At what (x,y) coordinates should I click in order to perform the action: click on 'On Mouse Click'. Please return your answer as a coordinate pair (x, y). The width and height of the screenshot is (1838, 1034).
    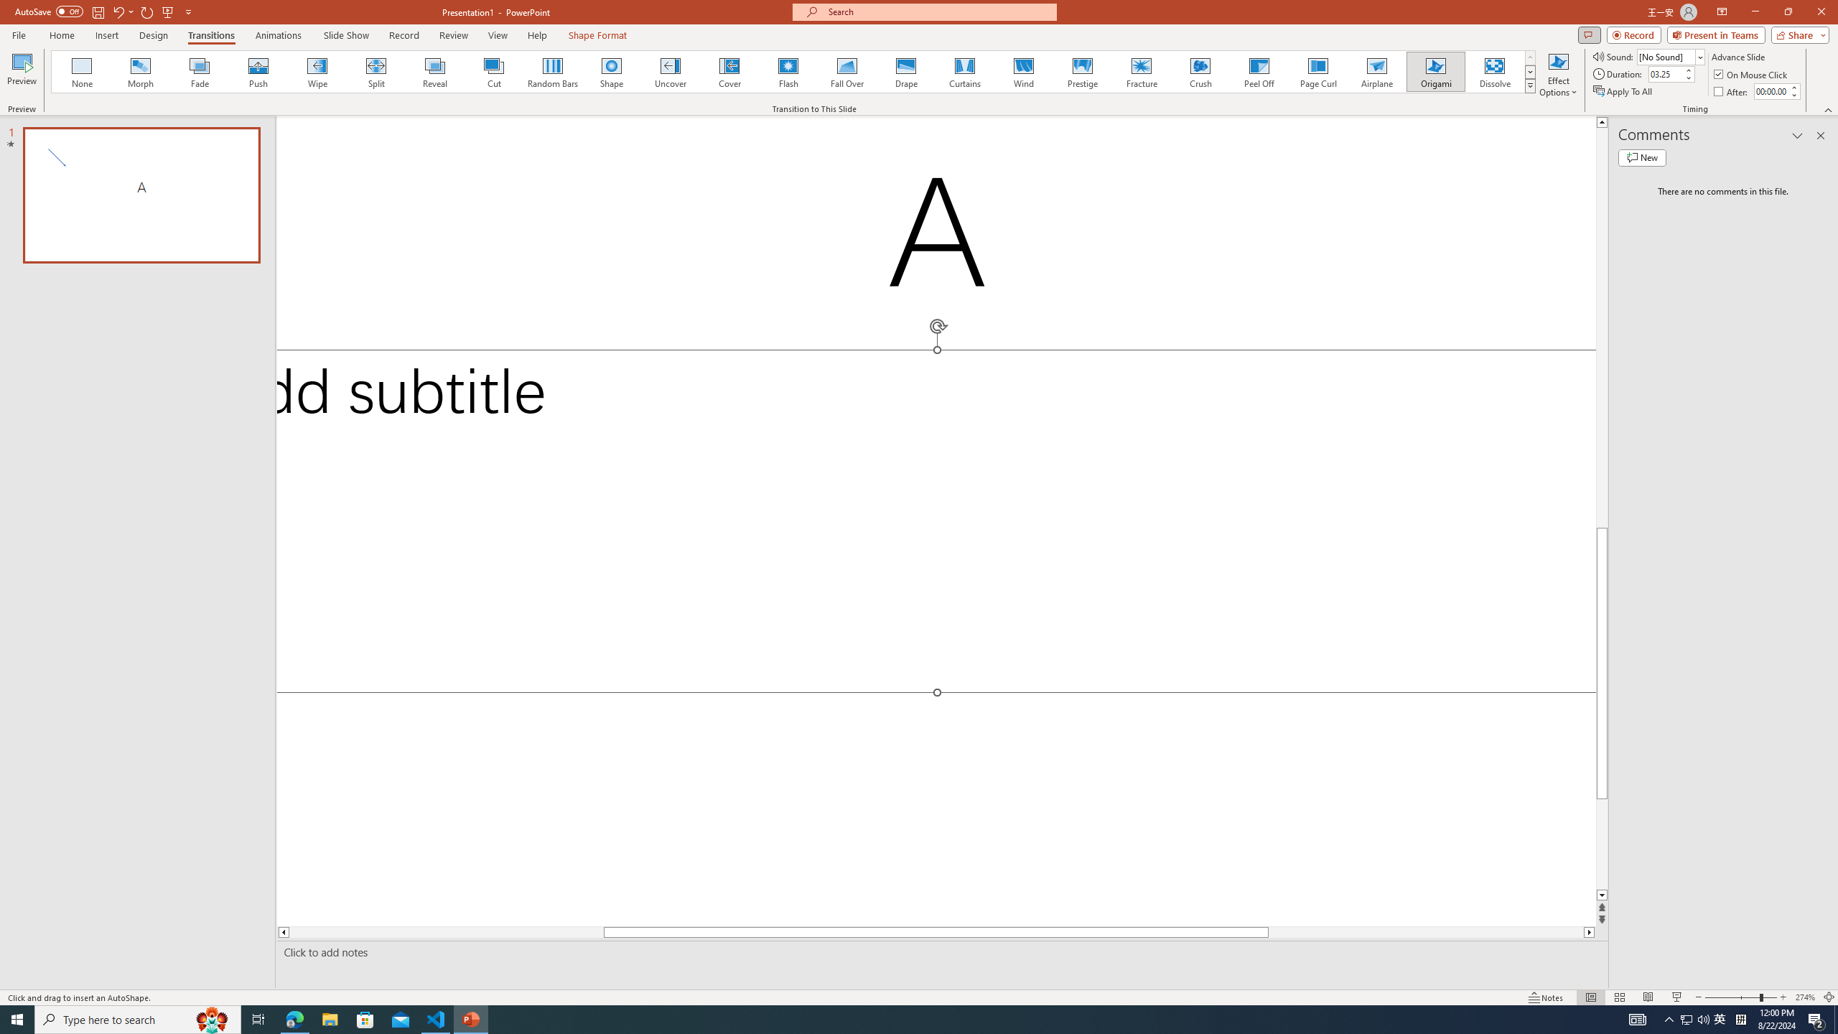
    Looking at the image, I should click on (1750, 74).